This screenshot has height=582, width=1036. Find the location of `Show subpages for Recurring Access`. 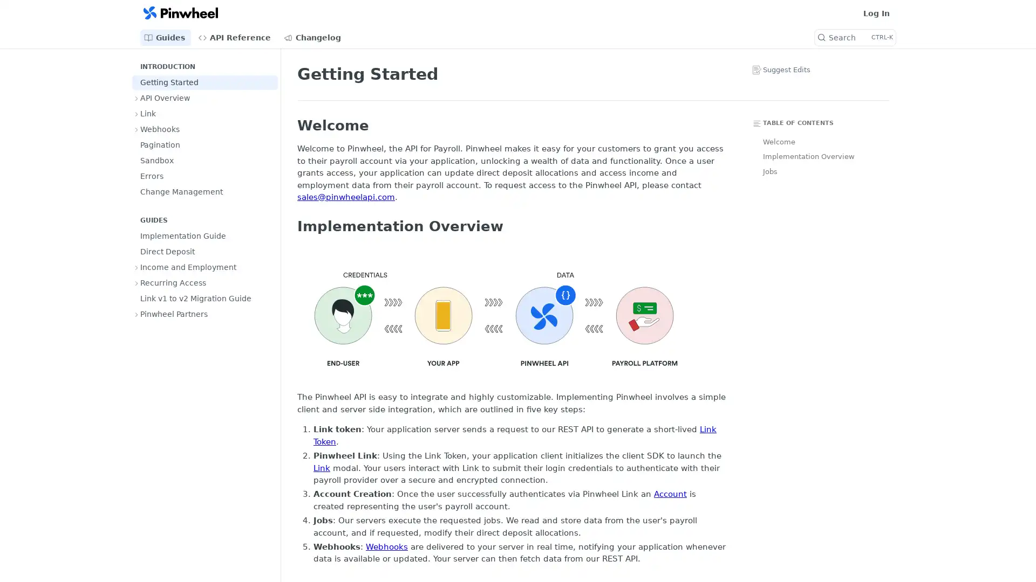

Show subpages for Recurring Access is located at coordinates (137, 282).